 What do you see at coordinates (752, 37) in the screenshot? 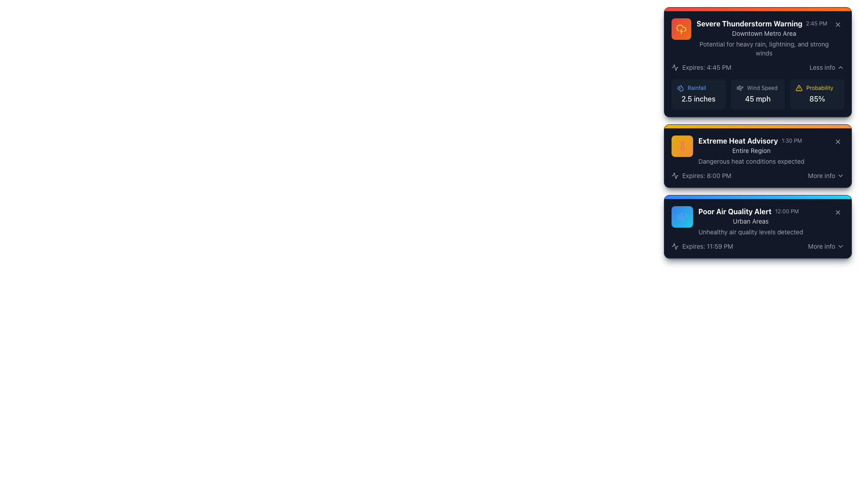
I see `the Notification card displaying the 'Severe Thunderstorm Warning' at the top of the alert list` at bounding box center [752, 37].